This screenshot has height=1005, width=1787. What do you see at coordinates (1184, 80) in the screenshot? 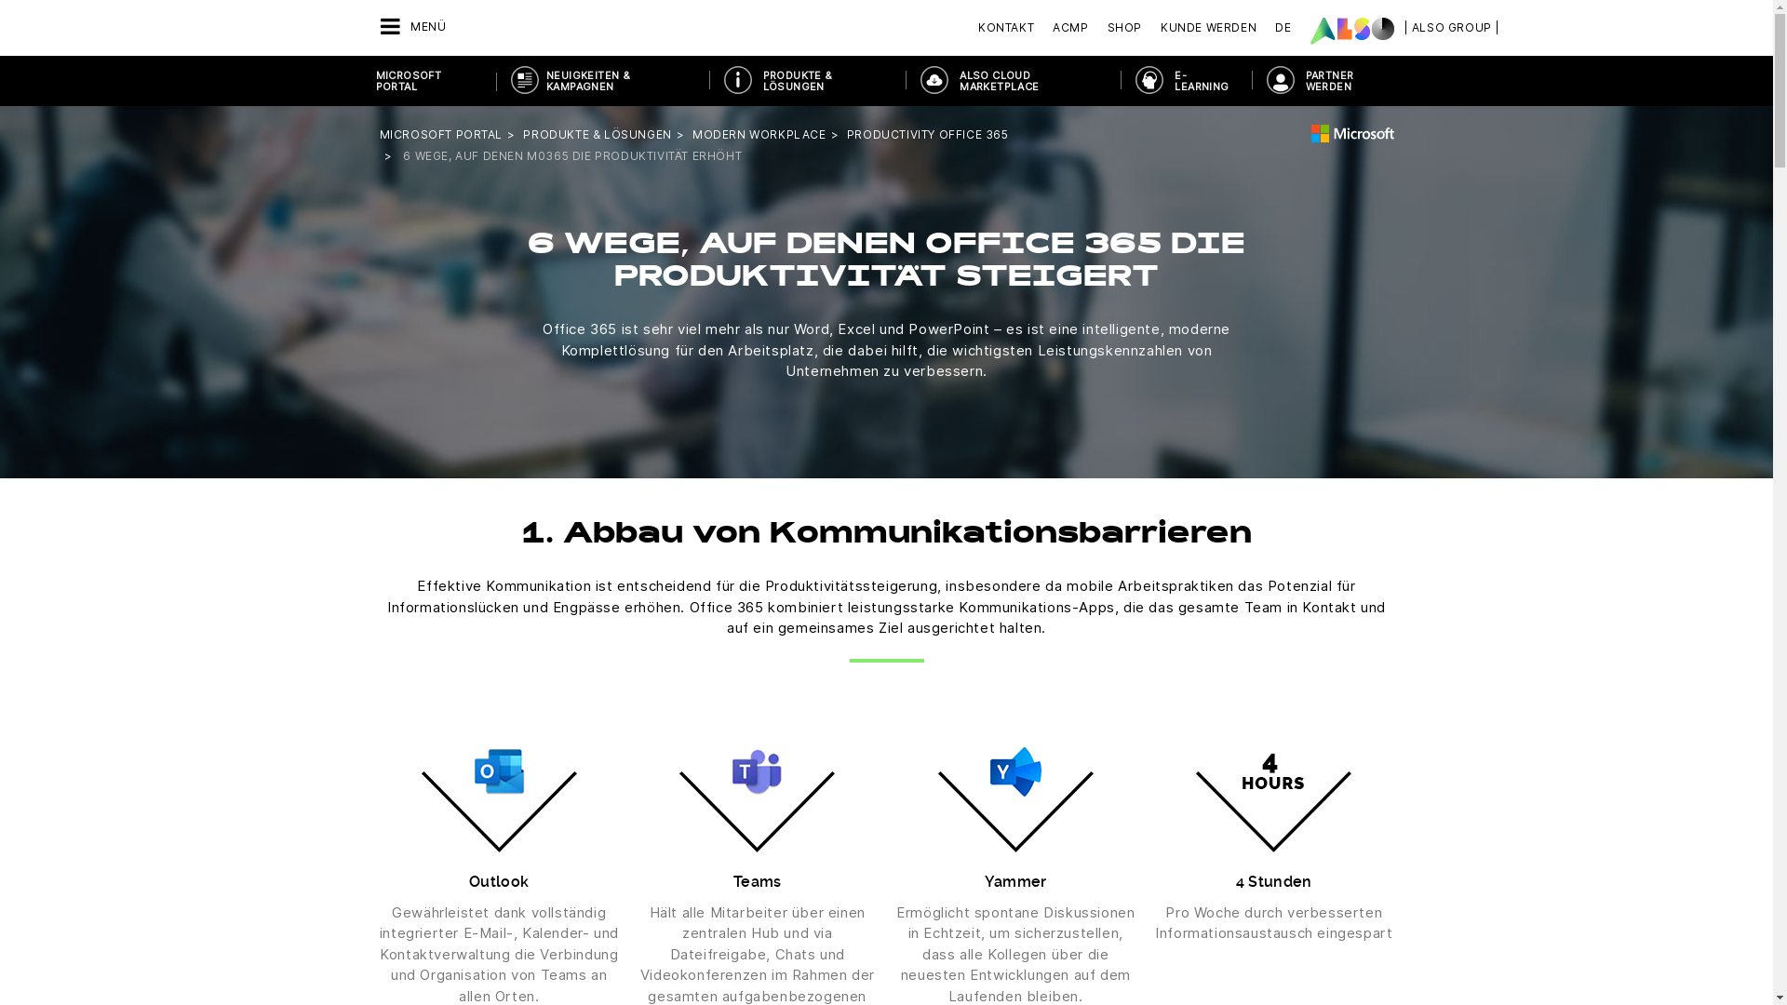
I see `'E-LEARNING'` at bounding box center [1184, 80].